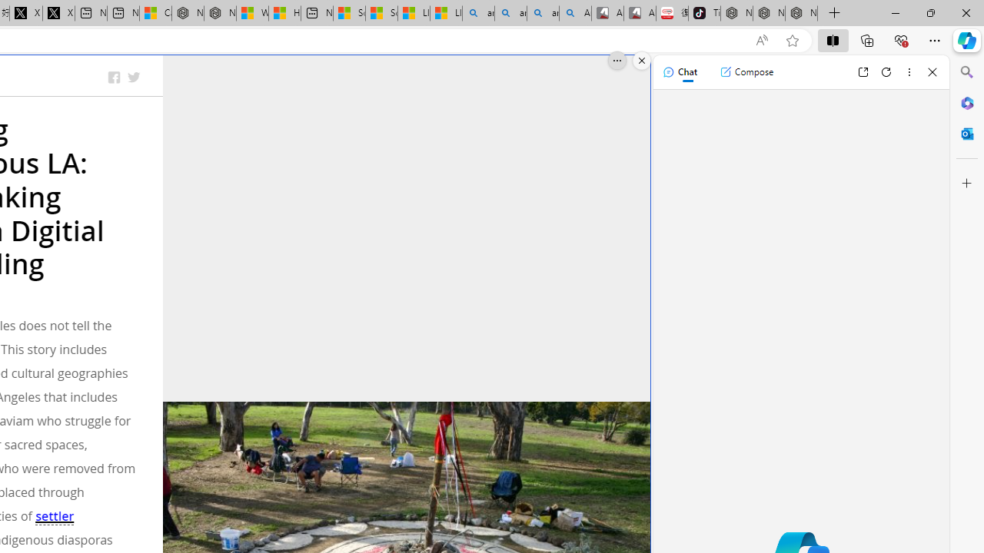 This screenshot has width=984, height=553. What do you see at coordinates (895, 12) in the screenshot?
I see `'Minimize'` at bounding box center [895, 12].